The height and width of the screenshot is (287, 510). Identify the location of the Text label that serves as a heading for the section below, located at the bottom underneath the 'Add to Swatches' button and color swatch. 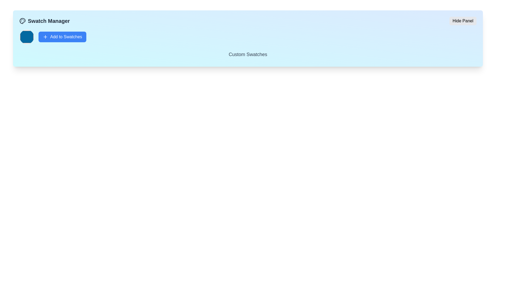
(248, 55).